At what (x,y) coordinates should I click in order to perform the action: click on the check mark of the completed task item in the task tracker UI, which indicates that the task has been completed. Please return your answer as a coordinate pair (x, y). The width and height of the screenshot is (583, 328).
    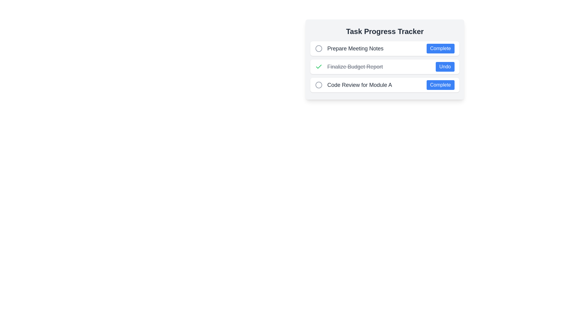
    Looking at the image, I should click on (384, 67).